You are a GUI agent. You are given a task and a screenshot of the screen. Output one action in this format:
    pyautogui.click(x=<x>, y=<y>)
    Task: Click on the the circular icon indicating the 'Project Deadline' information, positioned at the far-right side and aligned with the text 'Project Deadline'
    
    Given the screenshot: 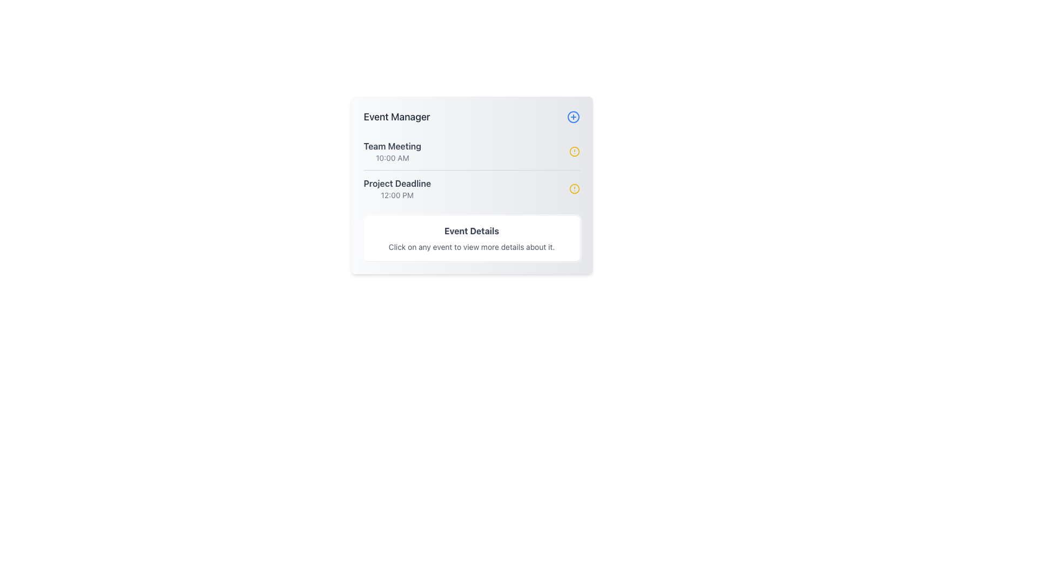 What is the action you would take?
    pyautogui.click(x=574, y=188)
    